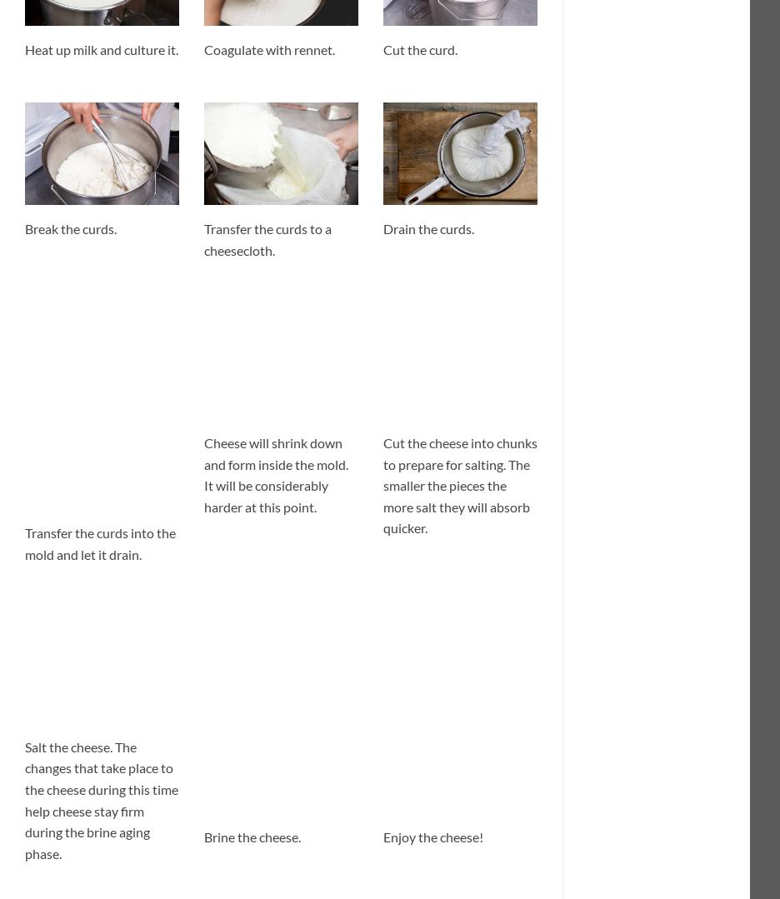  Describe the element at coordinates (275, 473) in the screenshot. I see `'Cheese will shrink down and form inside the mold. It will be considerably harder at this point.'` at that location.